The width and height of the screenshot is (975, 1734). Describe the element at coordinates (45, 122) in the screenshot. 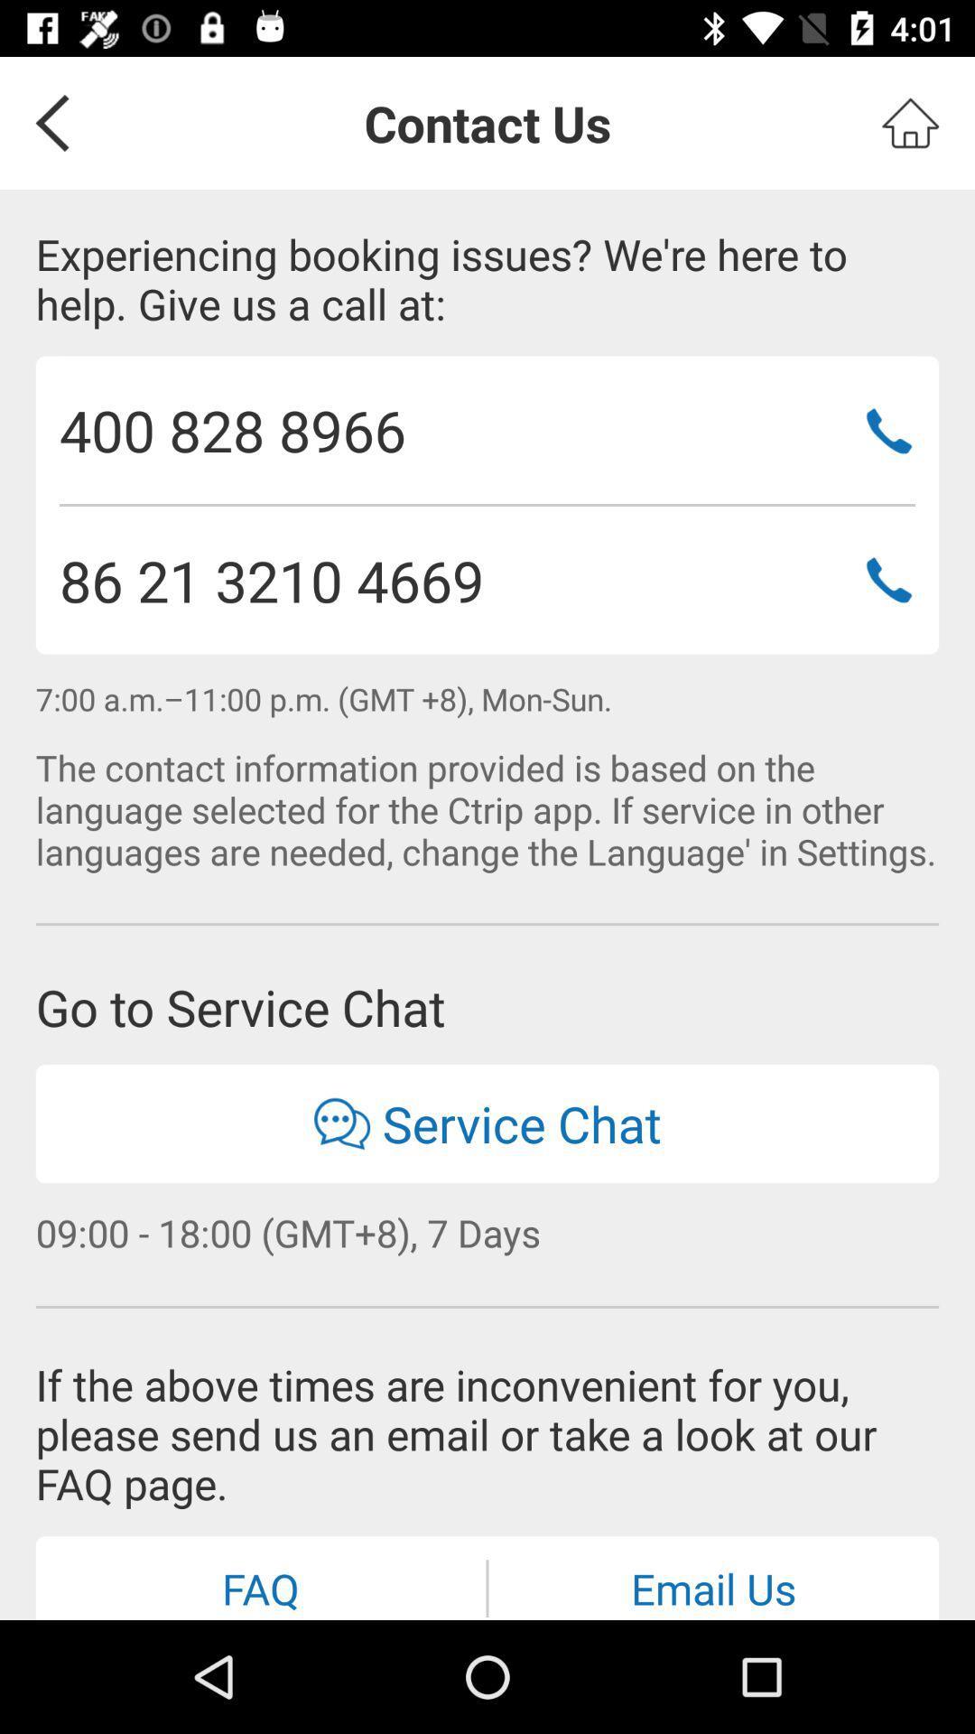

I see `item above the experiencing booking issues icon` at that location.